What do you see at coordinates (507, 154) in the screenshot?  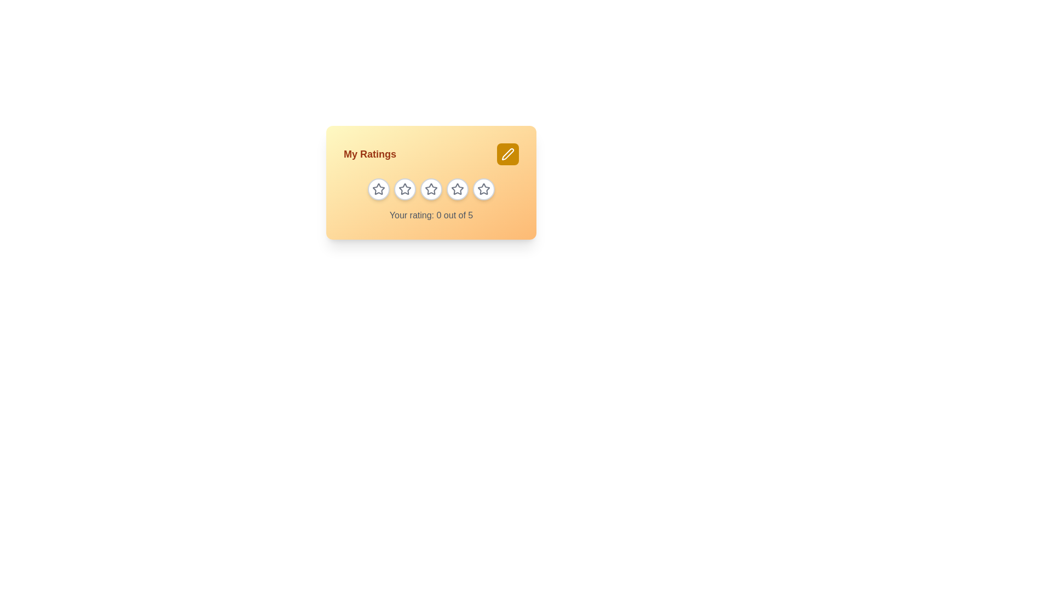 I see `the 'Edit' button located in the top-right corner of the rating interface` at bounding box center [507, 154].